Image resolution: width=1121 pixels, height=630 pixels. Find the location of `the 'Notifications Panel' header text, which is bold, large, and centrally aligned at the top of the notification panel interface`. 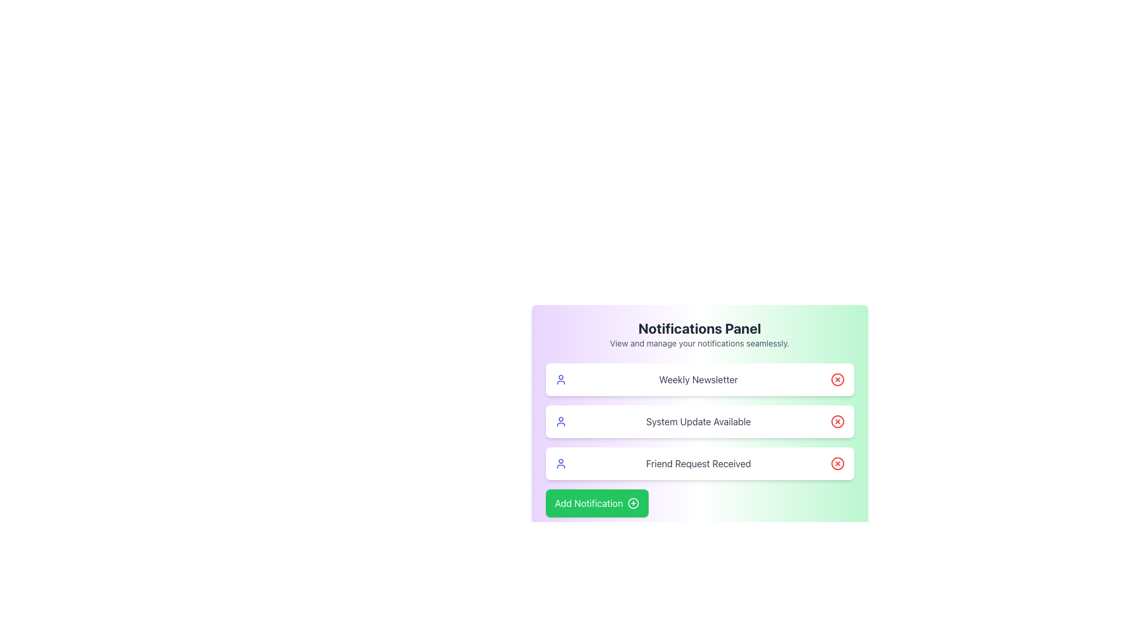

the 'Notifications Panel' header text, which is bold, large, and centrally aligned at the top of the notification panel interface is located at coordinates (699, 328).